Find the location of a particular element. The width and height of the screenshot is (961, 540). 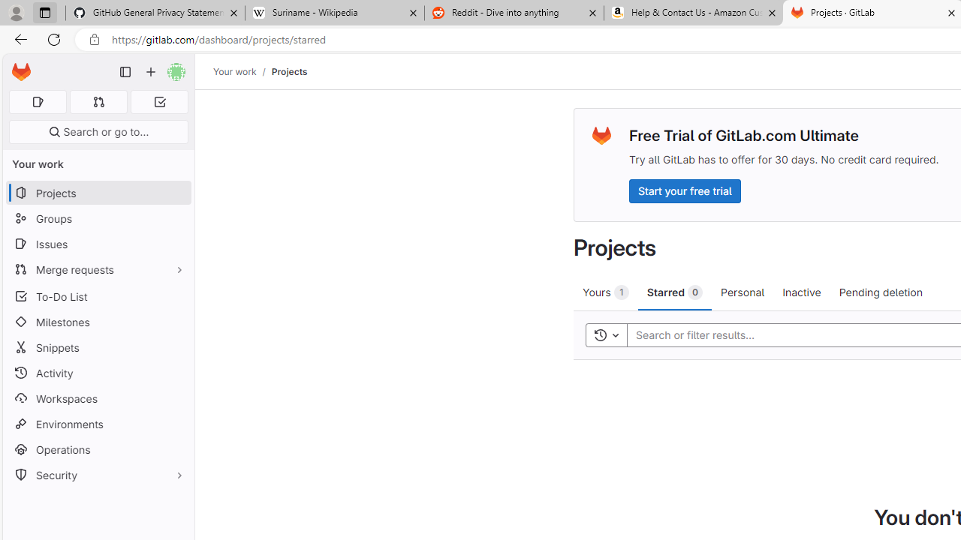

'Environments' is located at coordinates (98, 424).